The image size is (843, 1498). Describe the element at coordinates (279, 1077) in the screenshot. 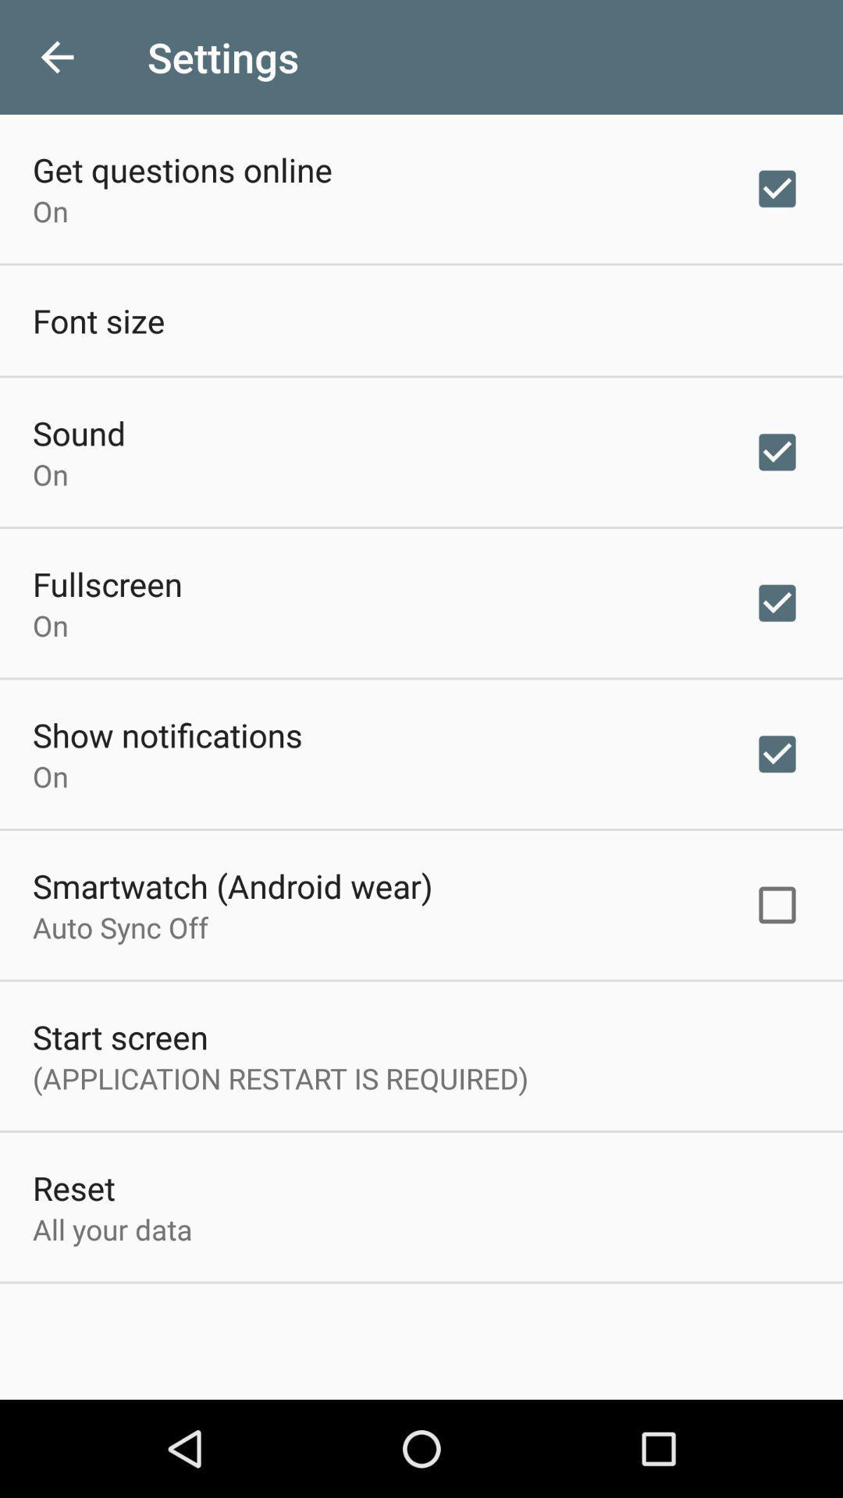

I see `application restart is` at that location.